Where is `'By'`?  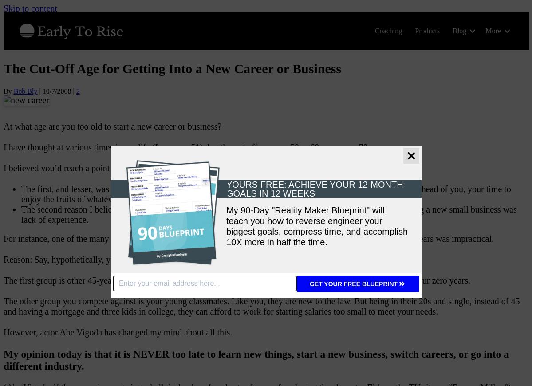 'By' is located at coordinates (8, 90).